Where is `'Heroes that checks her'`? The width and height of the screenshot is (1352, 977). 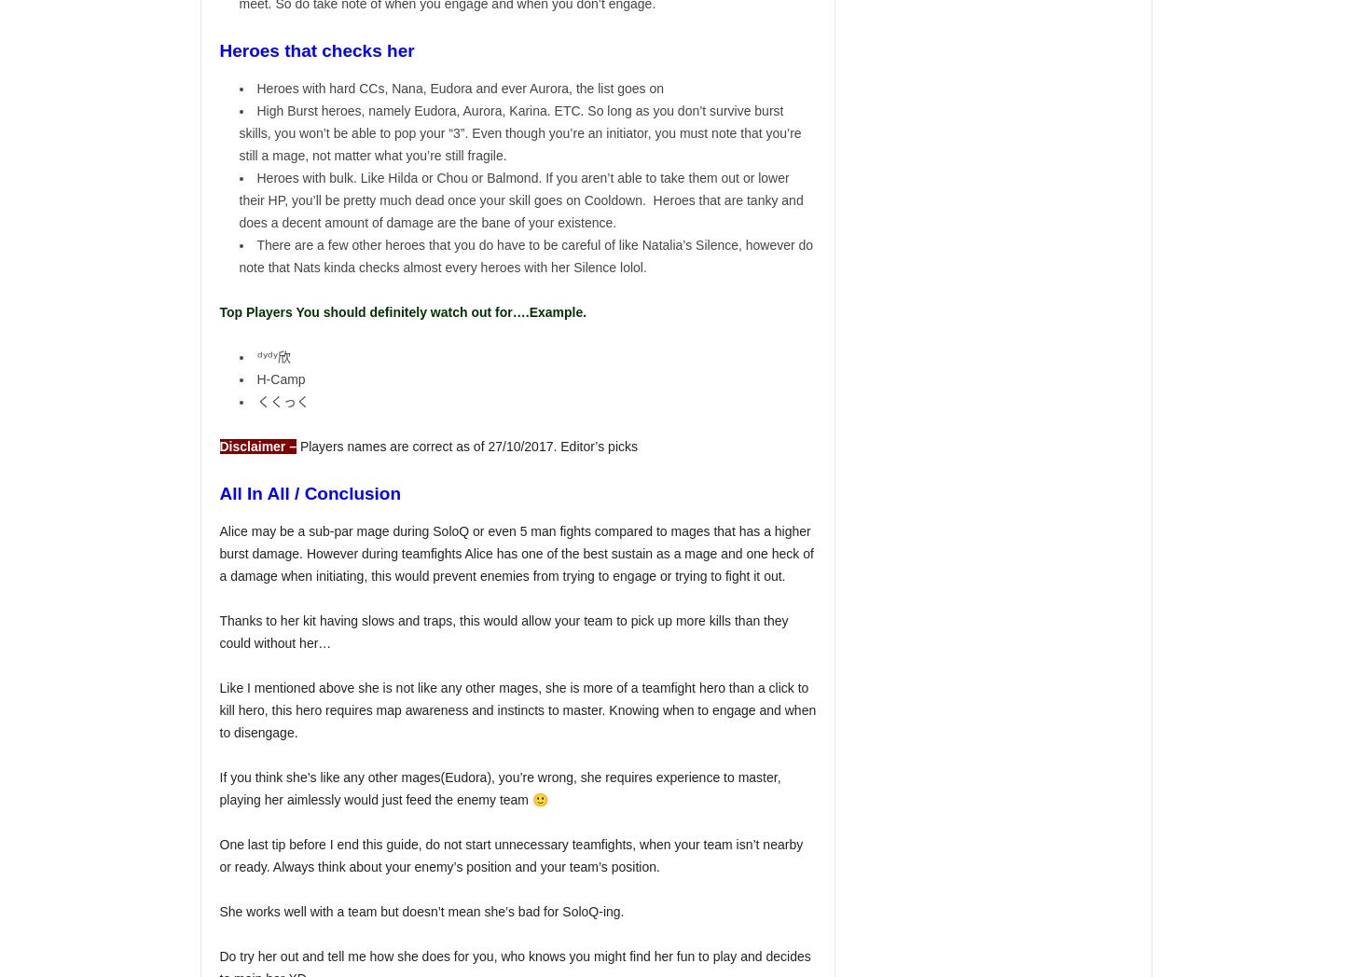
'Heroes that checks her' is located at coordinates (218, 49).